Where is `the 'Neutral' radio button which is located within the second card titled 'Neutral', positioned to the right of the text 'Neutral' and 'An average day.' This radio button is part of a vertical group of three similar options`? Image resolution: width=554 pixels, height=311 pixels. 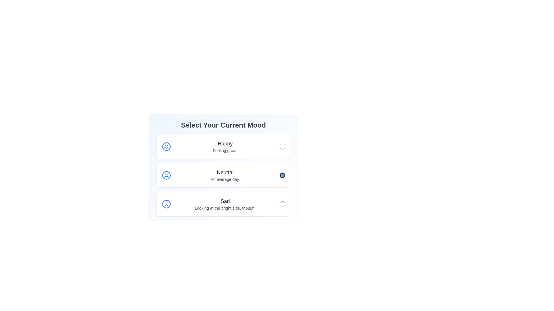
the 'Neutral' radio button which is located within the second card titled 'Neutral', positioned to the right of the text 'Neutral' and 'An average day.' This radio button is part of a vertical group of three similar options is located at coordinates (282, 175).